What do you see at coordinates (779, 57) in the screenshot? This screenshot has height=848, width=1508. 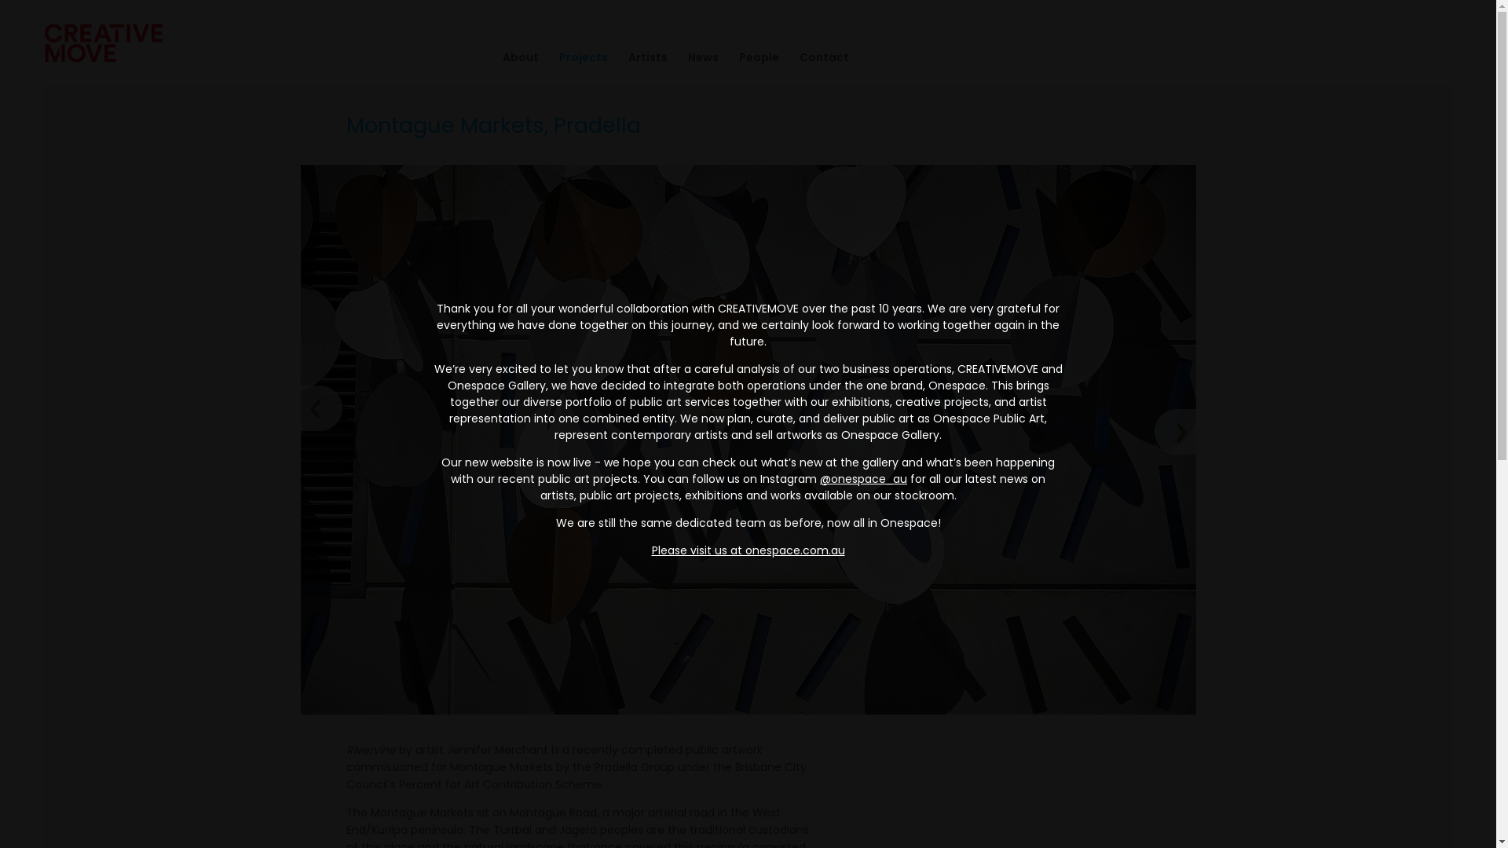 I see `'Contact'` at bounding box center [779, 57].